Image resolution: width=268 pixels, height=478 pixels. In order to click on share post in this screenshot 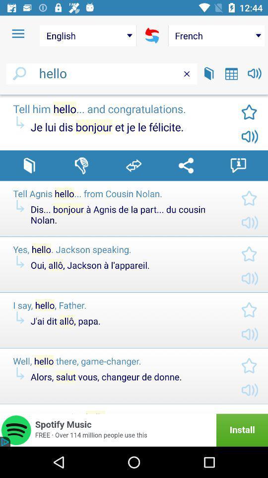, I will do `click(134, 165)`.